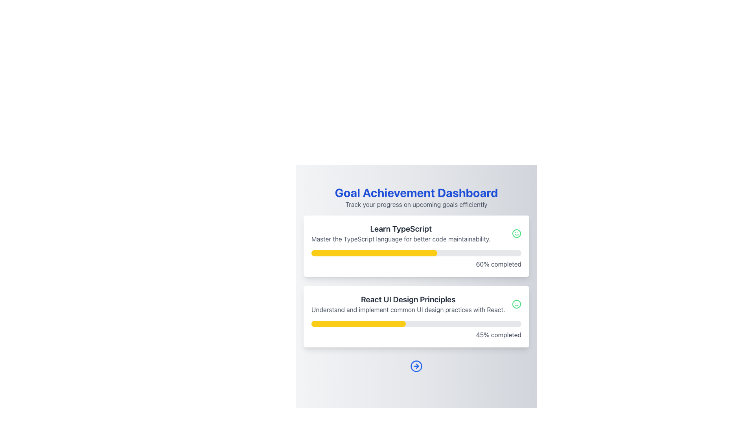 The image size is (755, 424). Describe the element at coordinates (416, 304) in the screenshot. I see `the Informational Section titled 'React UI Design Principles', which includes a description about UI design practices with a green smiley icon to the right` at that location.